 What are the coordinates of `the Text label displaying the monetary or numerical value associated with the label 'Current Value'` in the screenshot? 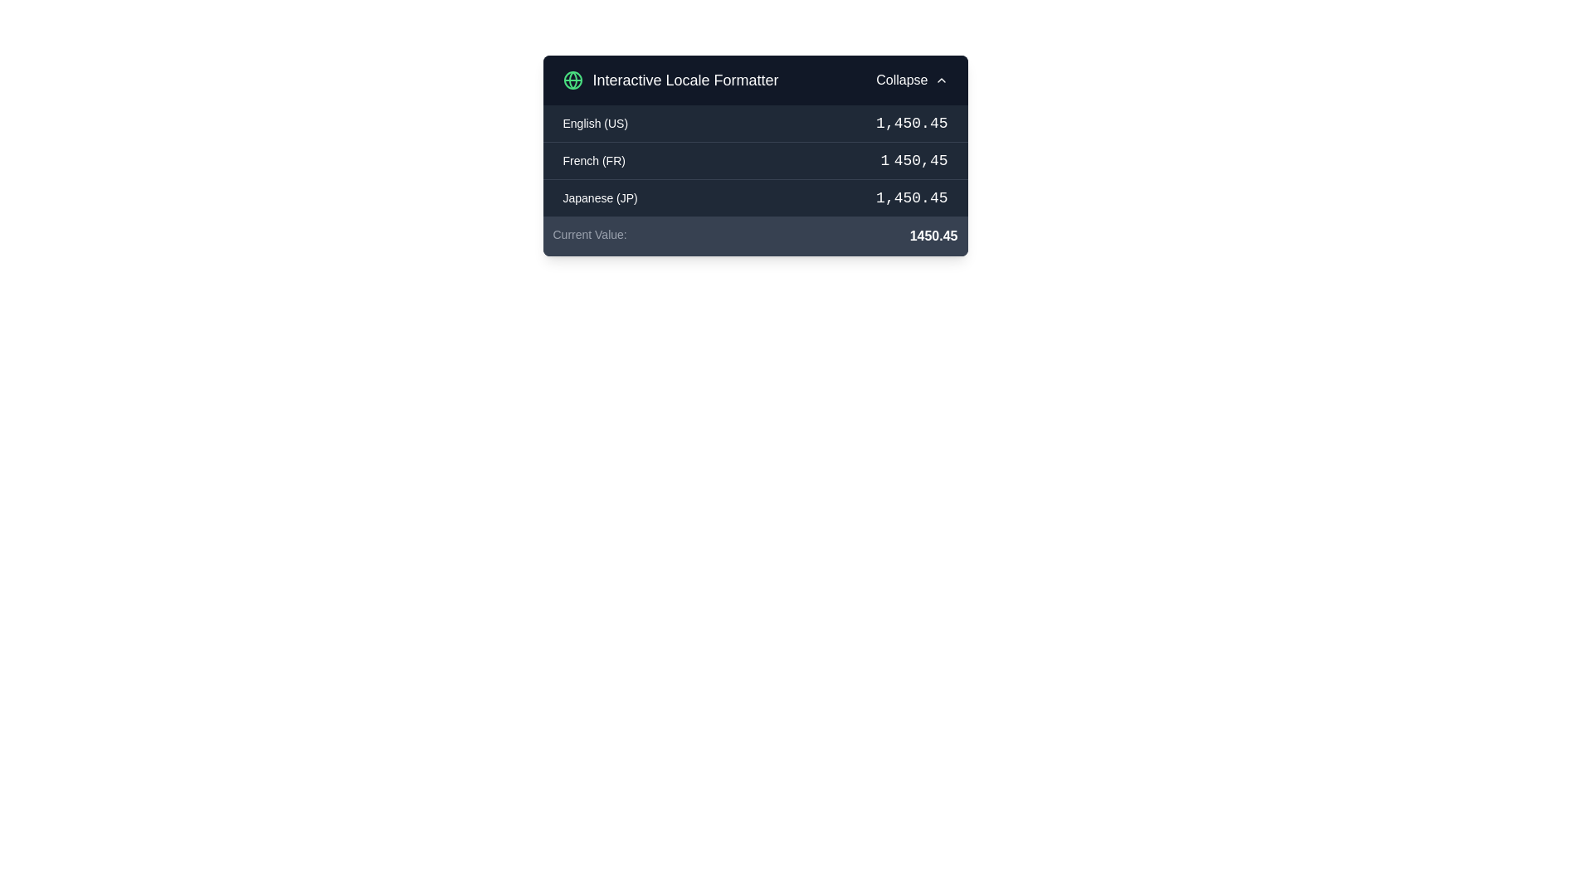 It's located at (933, 236).